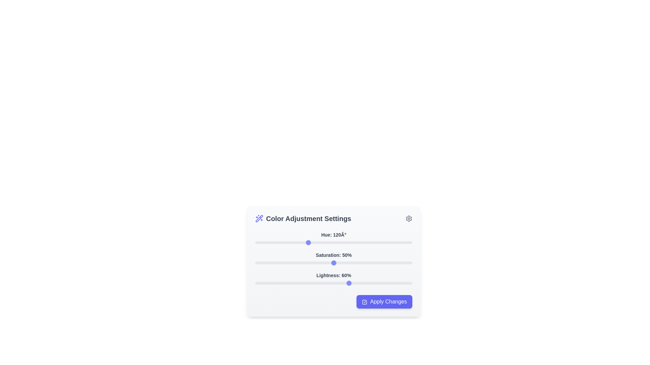  I want to click on hue, so click(392, 242).